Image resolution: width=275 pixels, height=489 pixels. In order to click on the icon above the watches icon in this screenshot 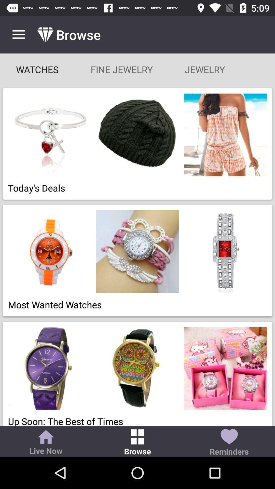, I will do `click(18, 34)`.